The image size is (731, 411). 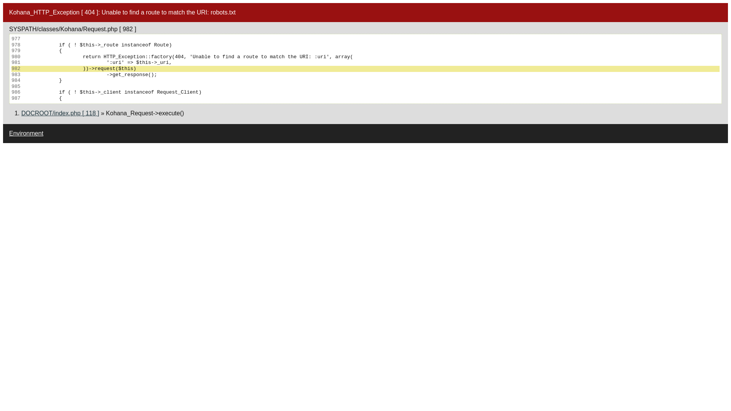 What do you see at coordinates (26, 133) in the screenshot?
I see `'Environment'` at bounding box center [26, 133].